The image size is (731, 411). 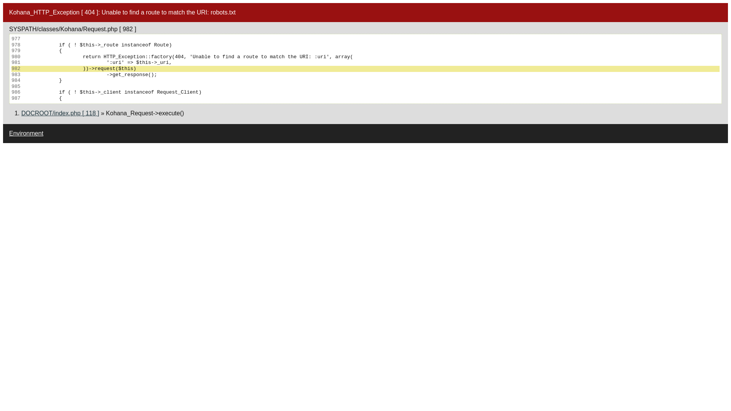 What do you see at coordinates (26, 133) in the screenshot?
I see `'Environment'` at bounding box center [26, 133].